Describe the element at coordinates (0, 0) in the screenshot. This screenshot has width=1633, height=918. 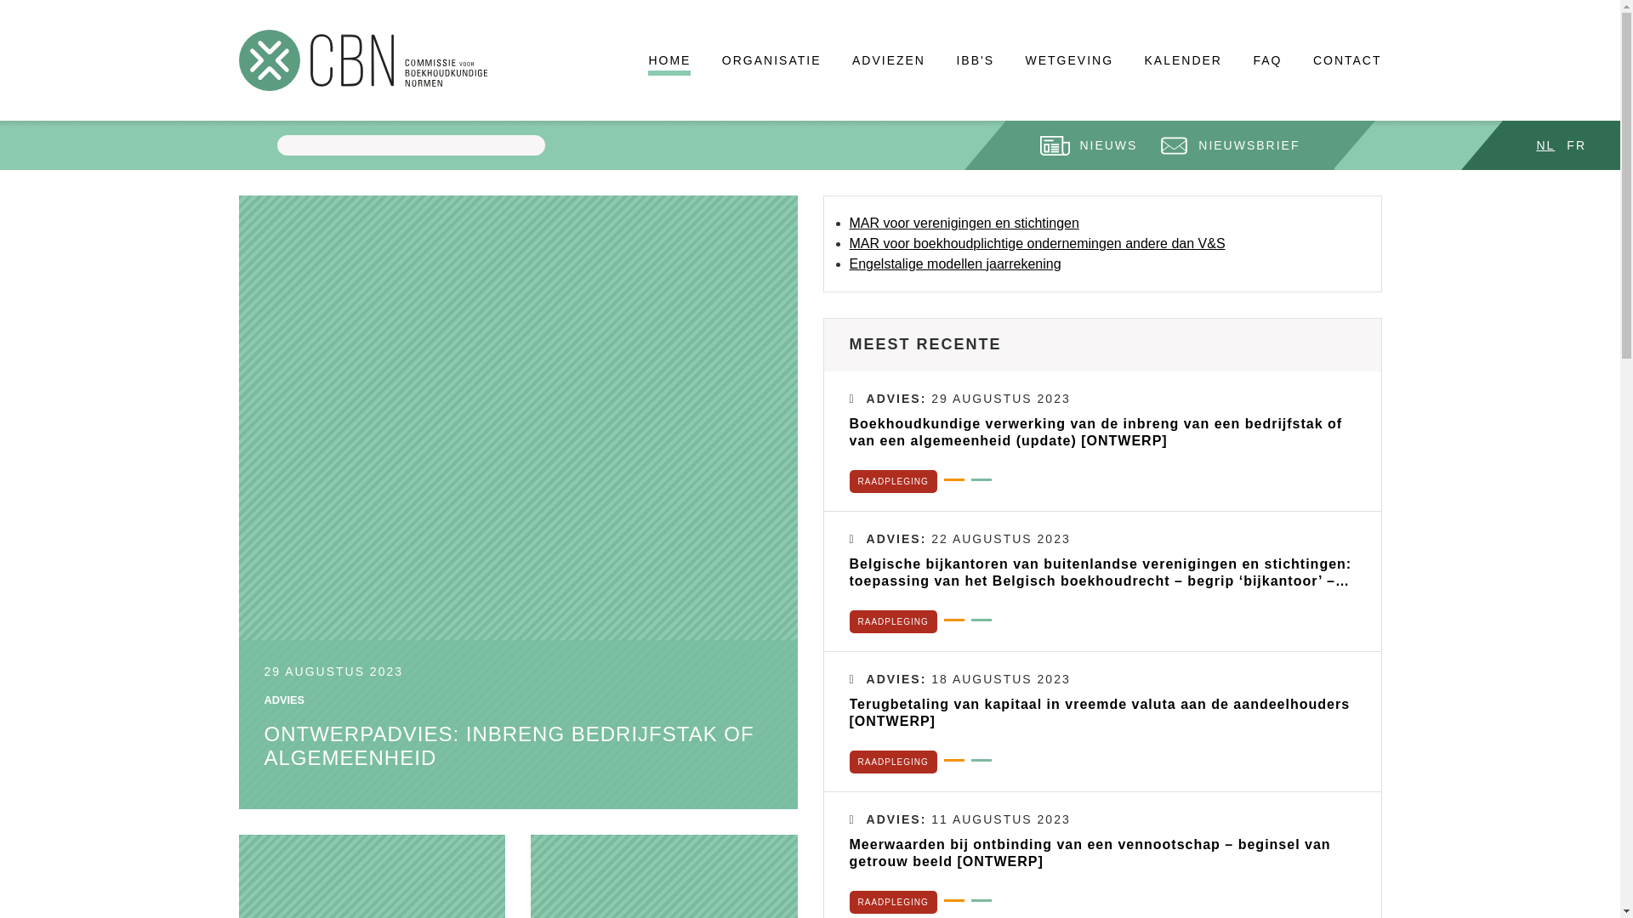
I see `'Skip to main content'` at that location.